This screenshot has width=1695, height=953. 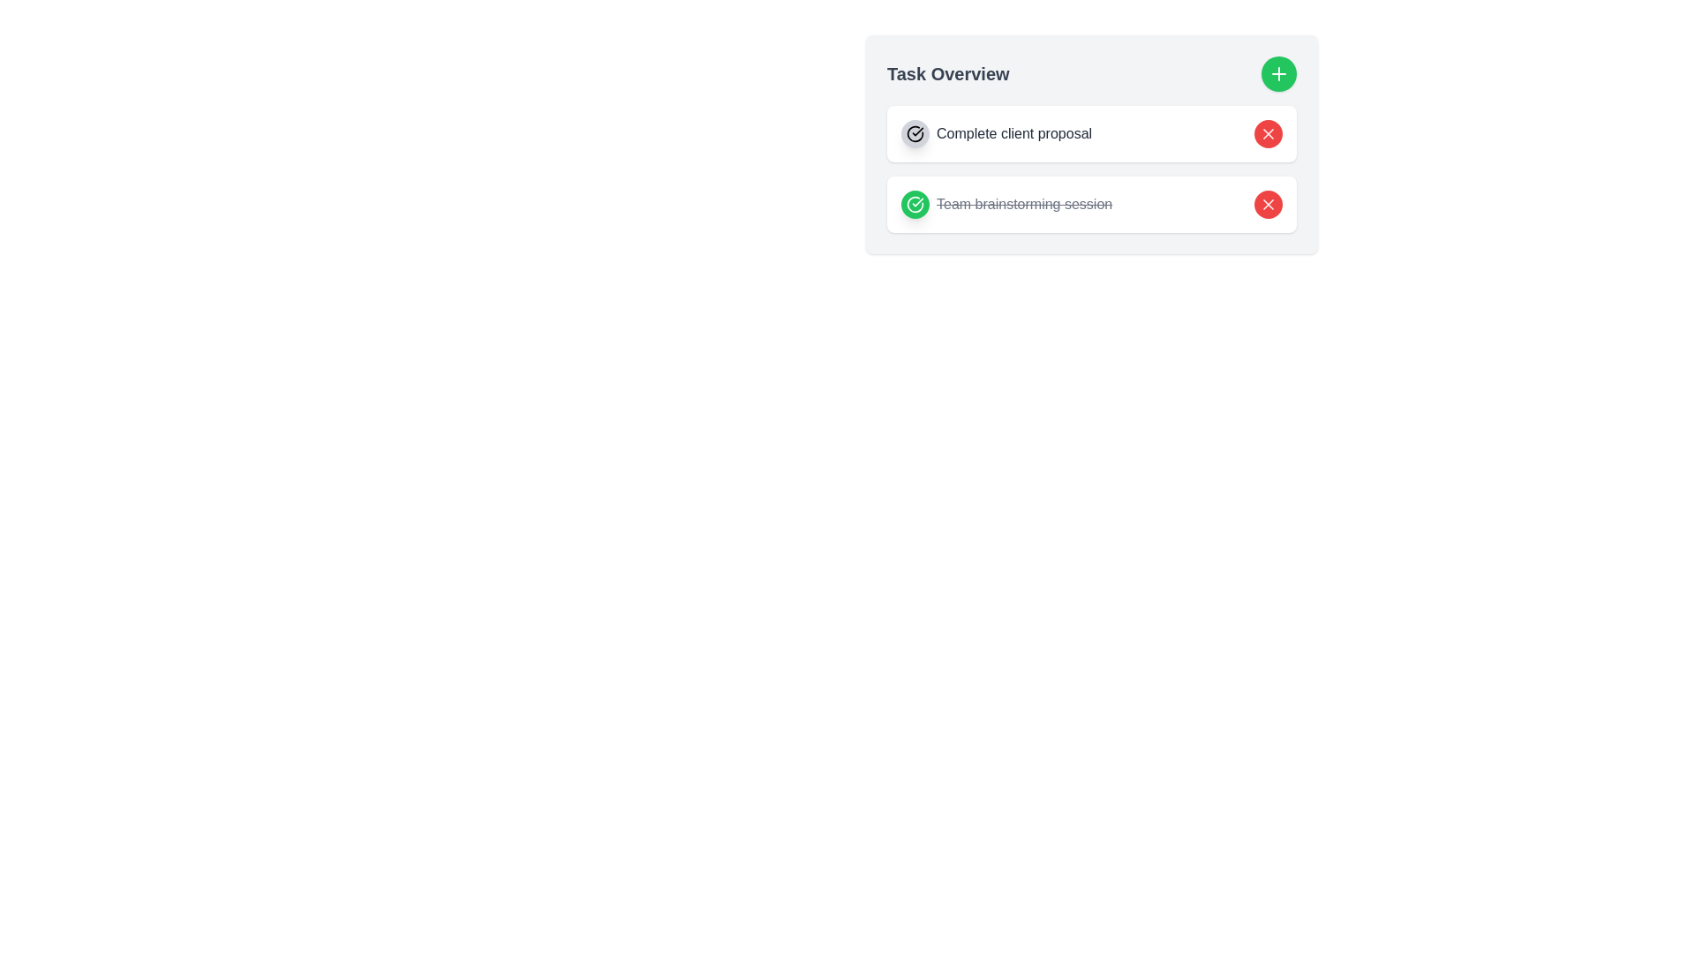 What do you see at coordinates (915, 132) in the screenshot?
I see `the circular outline of the checkmark icon within the SVG component located in the second list item next to 'Team brainstorming session'` at bounding box center [915, 132].